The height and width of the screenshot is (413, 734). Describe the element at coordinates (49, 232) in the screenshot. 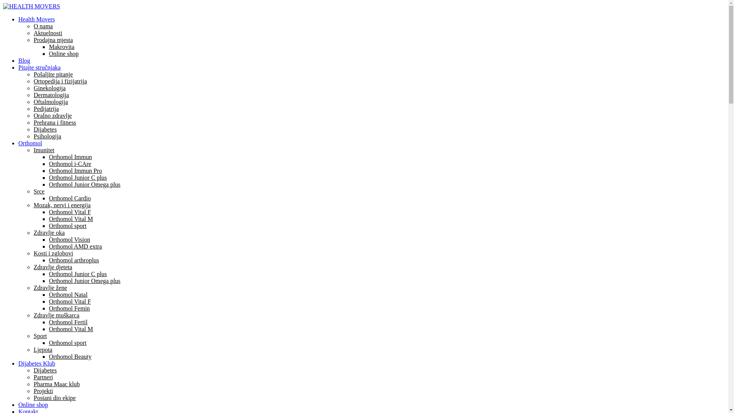

I see `'Zdravlje oka'` at that location.